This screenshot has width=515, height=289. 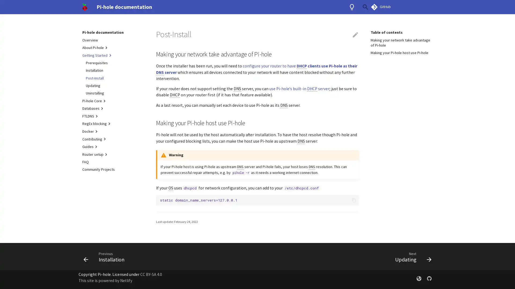 I want to click on Copy to clipboard, so click(x=354, y=200).